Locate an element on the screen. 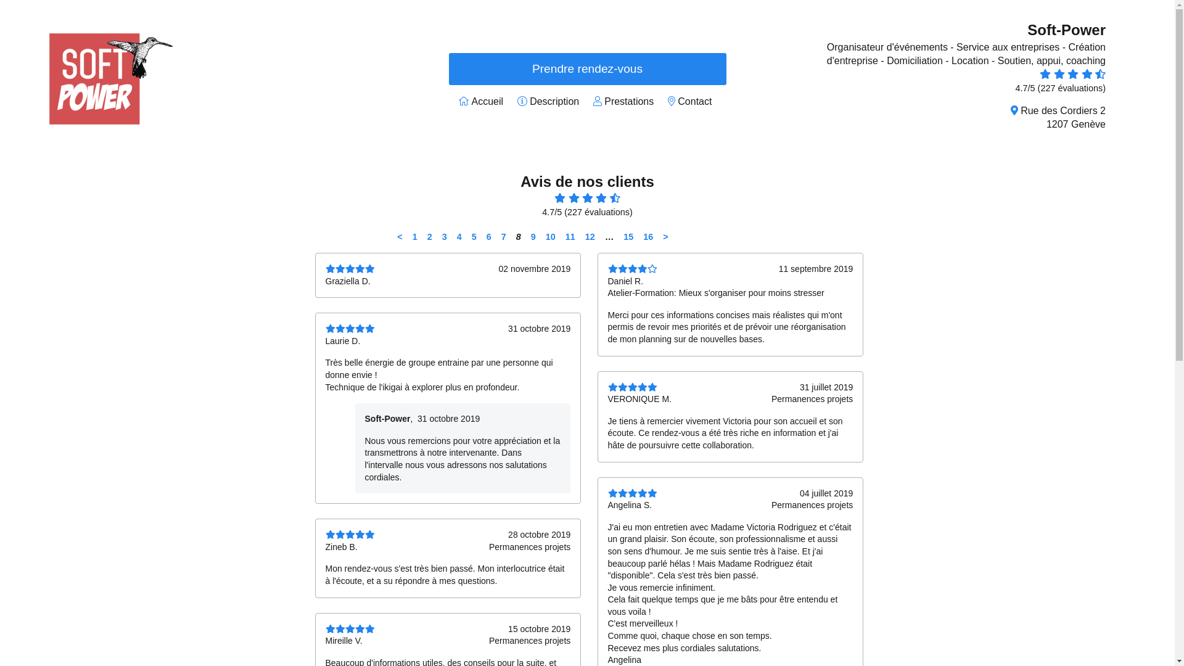 The height and width of the screenshot is (666, 1184). '10' is located at coordinates (549, 237).